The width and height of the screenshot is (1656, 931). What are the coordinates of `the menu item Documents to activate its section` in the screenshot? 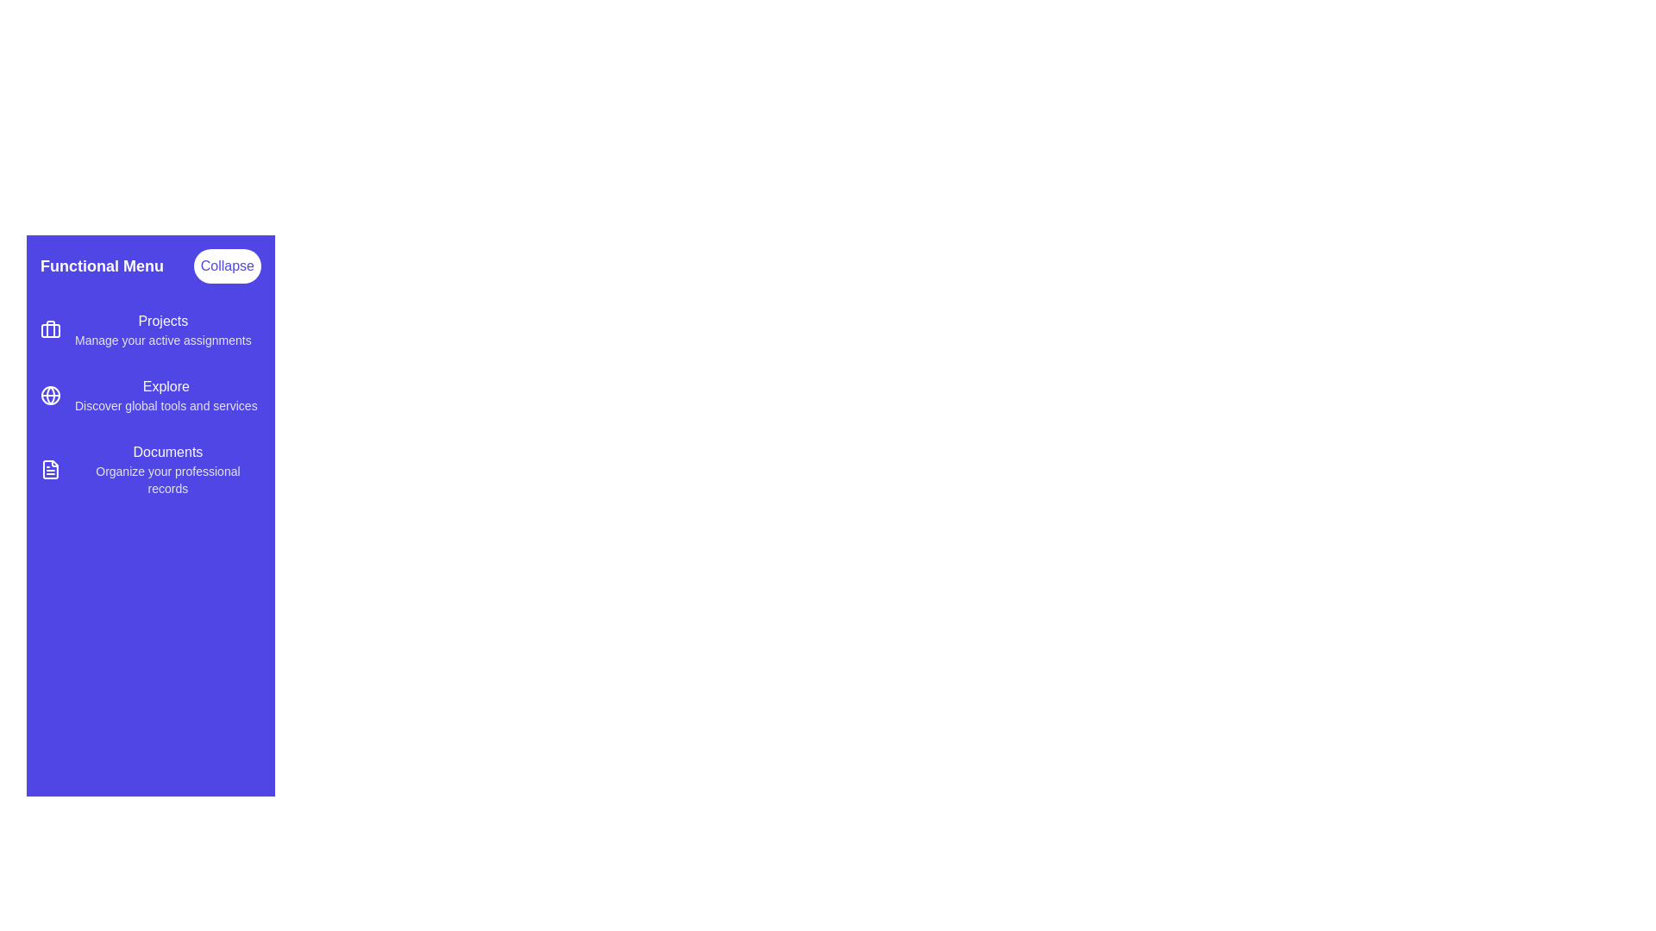 It's located at (150, 469).